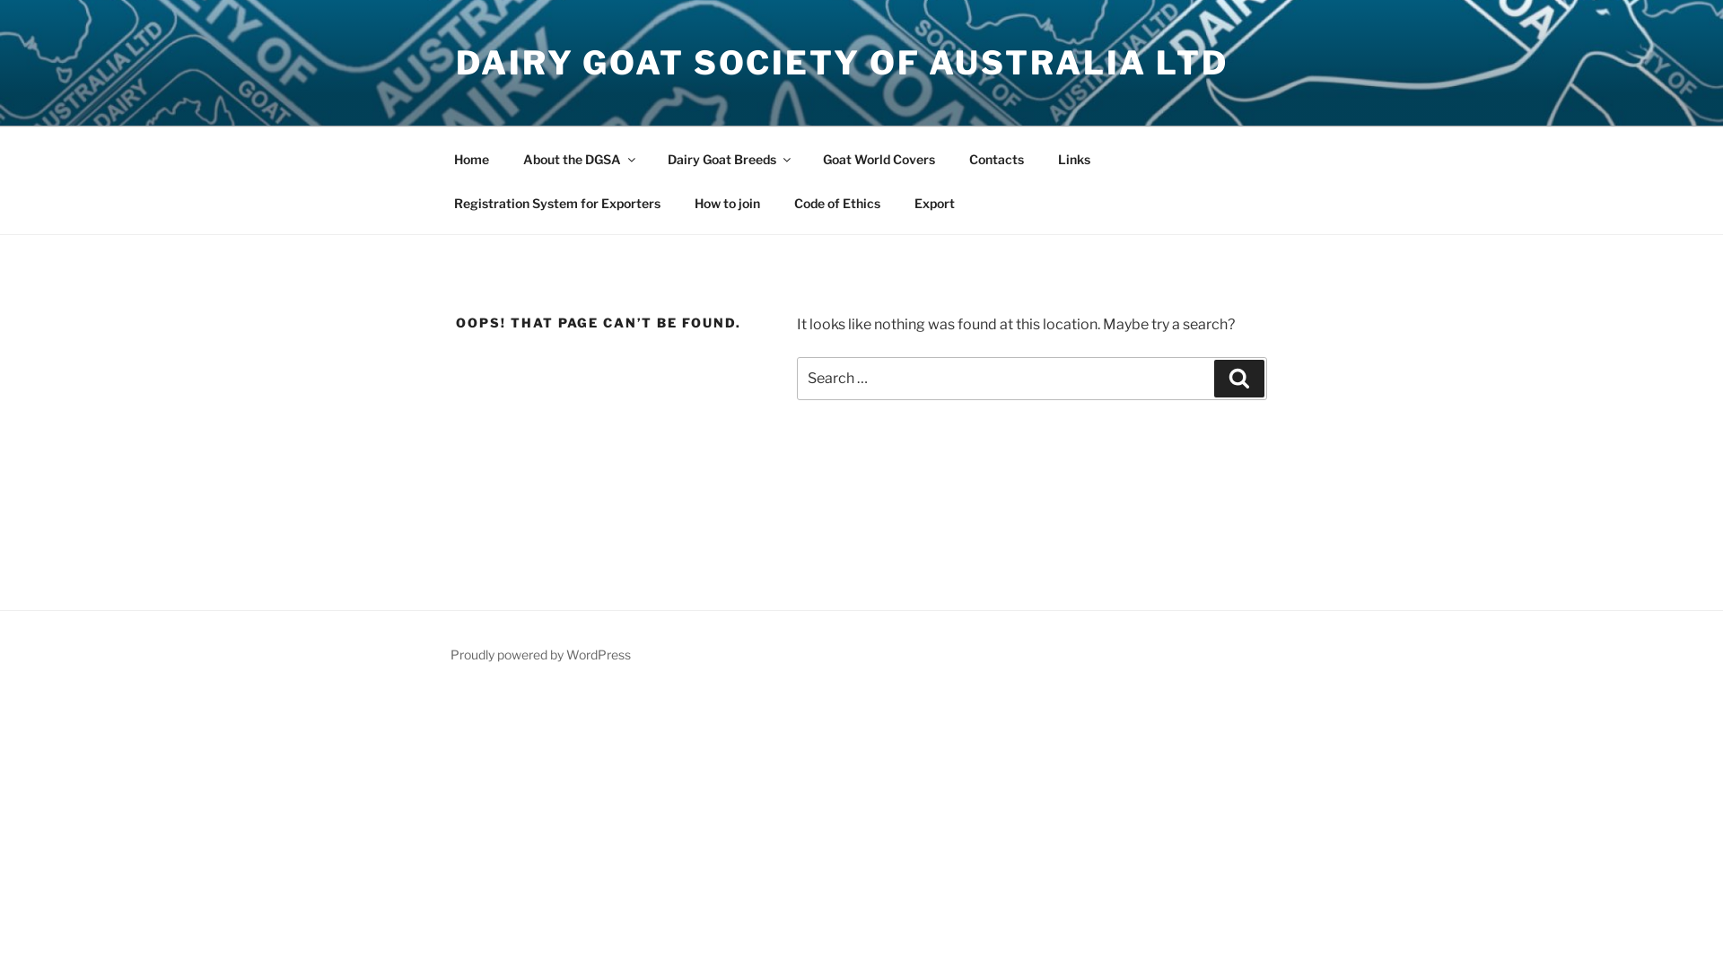 The height and width of the screenshot is (969, 1723). I want to click on 'Proudly powered by WordPress', so click(450, 654).